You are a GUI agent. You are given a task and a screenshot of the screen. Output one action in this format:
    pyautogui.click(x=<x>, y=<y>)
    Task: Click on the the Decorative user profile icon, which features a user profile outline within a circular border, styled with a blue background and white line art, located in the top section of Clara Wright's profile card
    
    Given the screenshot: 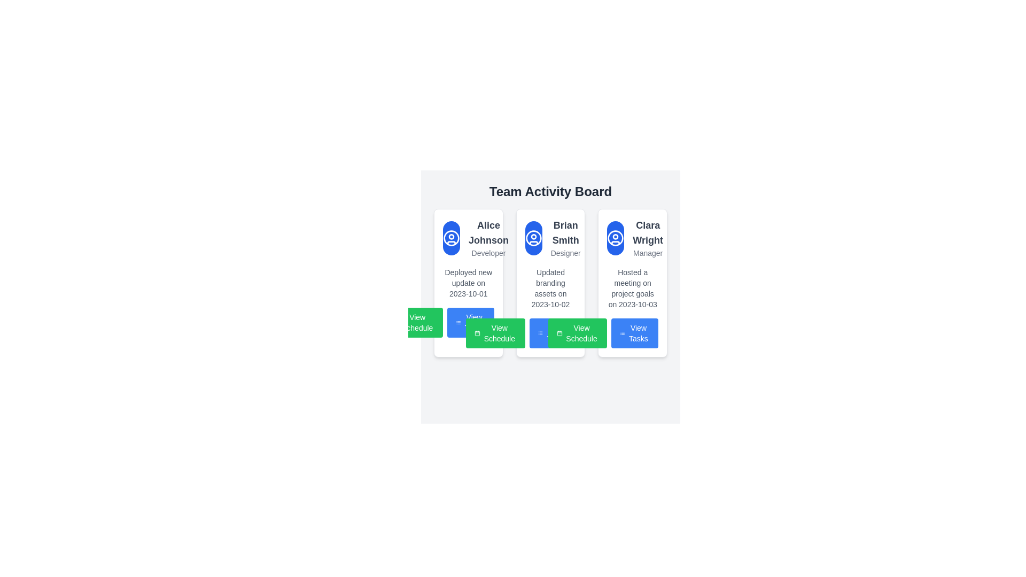 What is the action you would take?
    pyautogui.click(x=616, y=238)
    